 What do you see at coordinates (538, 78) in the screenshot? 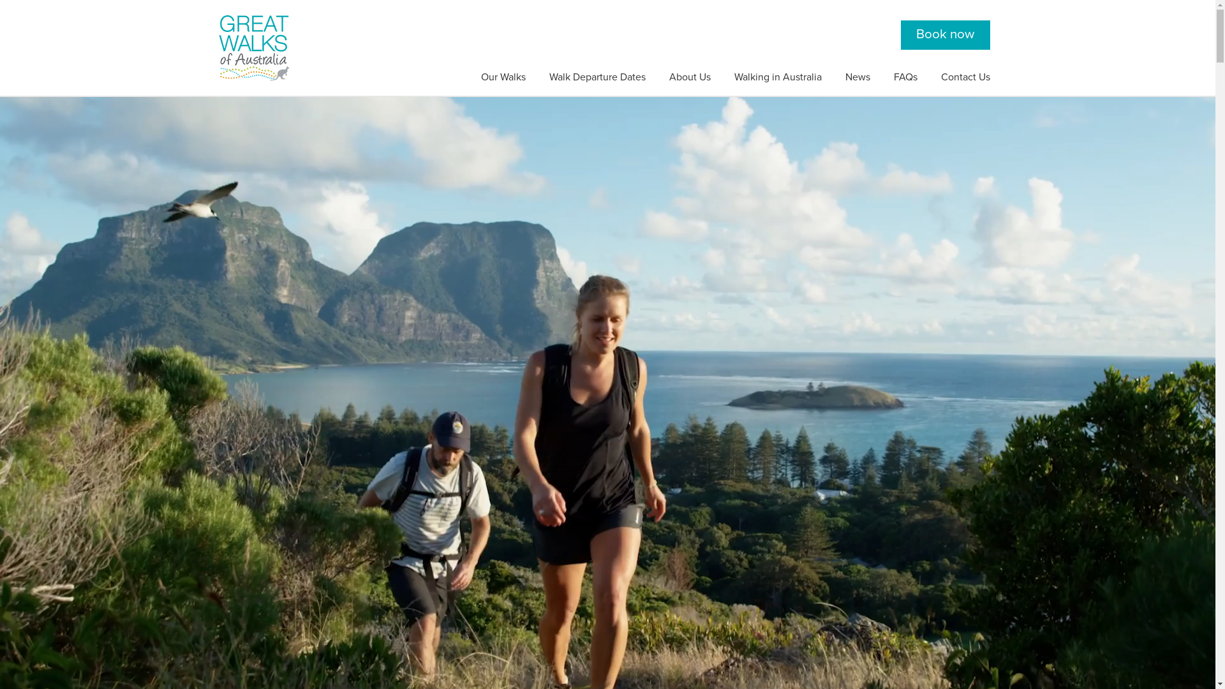
I see `'Walk Departure Dates'` at bounding box center [538, 78].